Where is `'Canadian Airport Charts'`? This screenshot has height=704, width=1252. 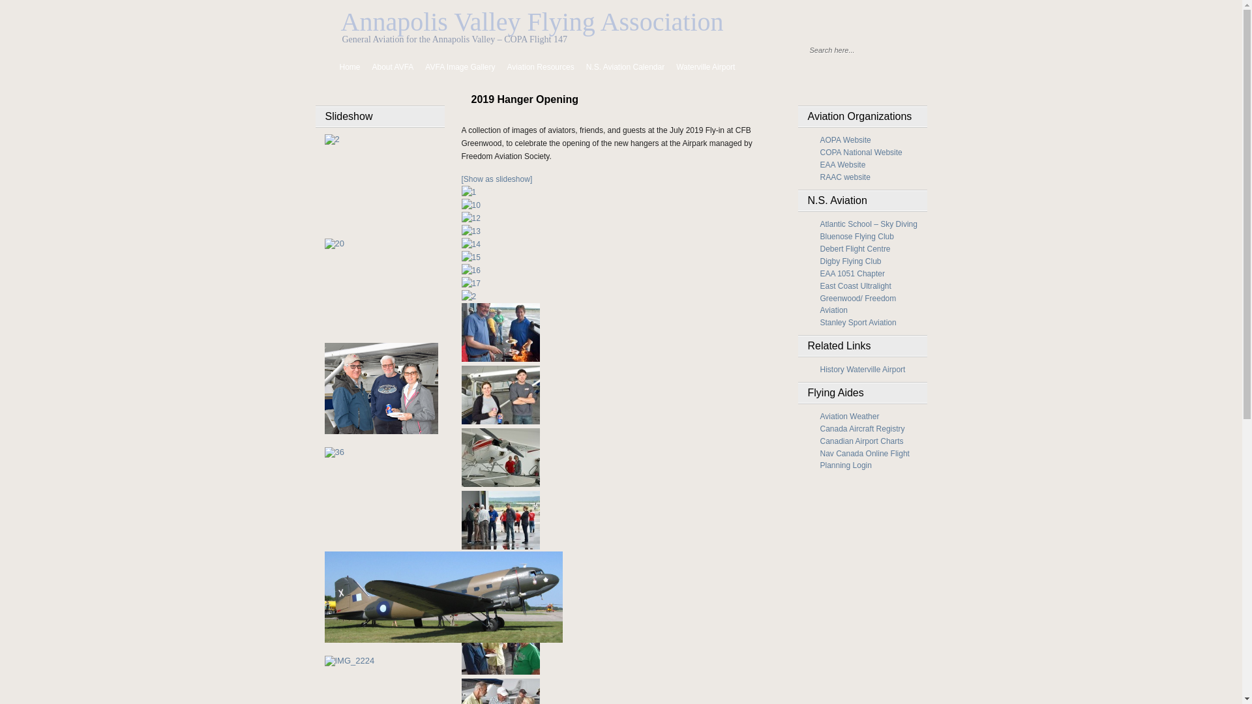 'Canadian Airport Charts' is located at coordinates (861, 441).